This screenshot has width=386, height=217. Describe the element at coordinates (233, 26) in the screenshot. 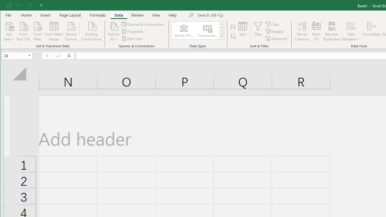

I see `'Sort A to Z'` at that location.